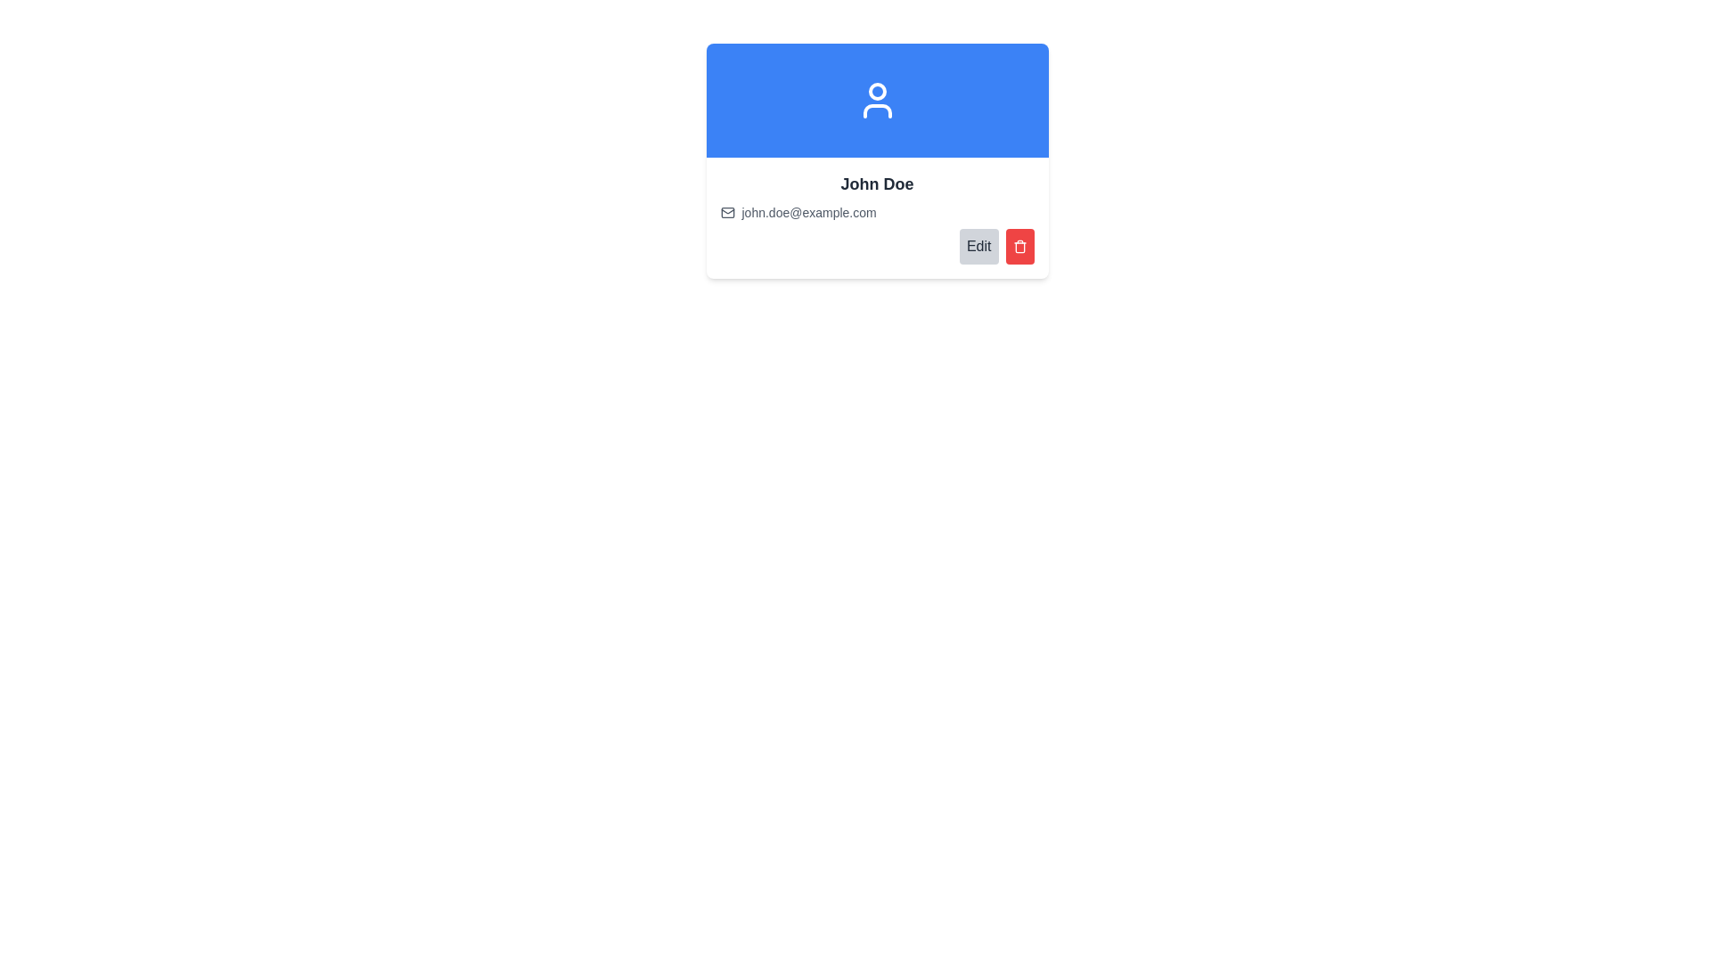 The width and height of the screenshot is (1711, 962). I want to click on the icon button, so click(1019, 247).